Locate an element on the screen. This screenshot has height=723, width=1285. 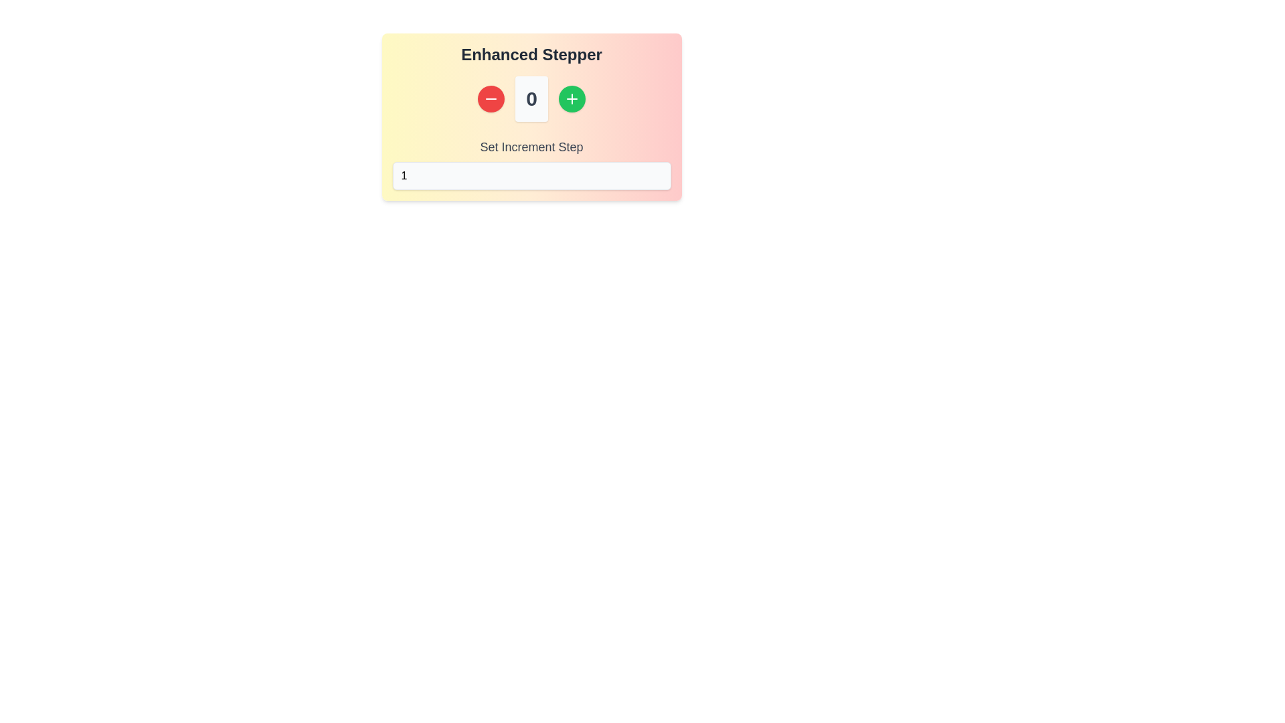
the static text display that shows a numeric value, positioned between the red circular minus button and the green circular plus button is located at coordinates (531, 98).